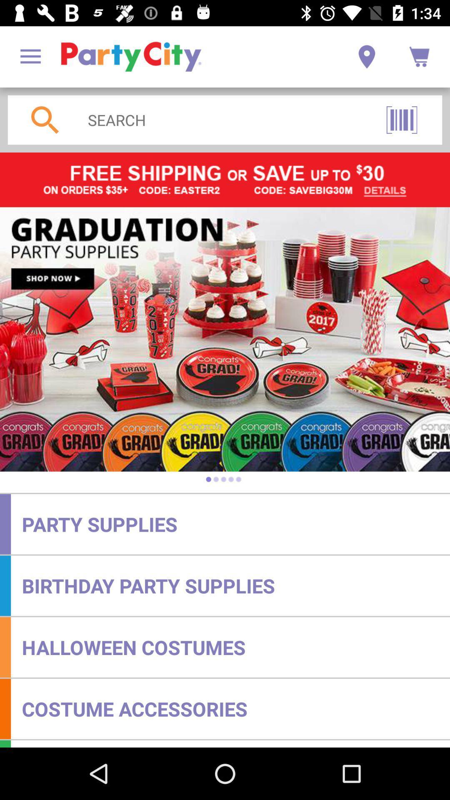 Image resolution: width=450 pixels, height=800 pixels. Describe the element at coordinates (401, 120) in the screenshot. I see `the pause icon` at that location.